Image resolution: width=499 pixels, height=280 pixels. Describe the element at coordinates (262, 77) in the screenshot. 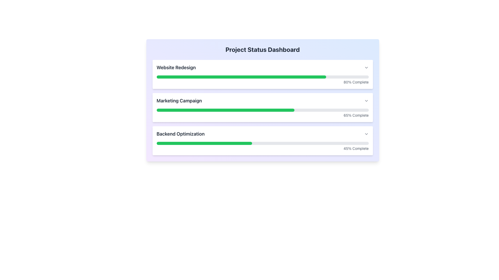

I see `the progress bar indicating 80% completion for the 'Website Redesign' task located in the top section of the 'Project Status Dashboard'` at that location.